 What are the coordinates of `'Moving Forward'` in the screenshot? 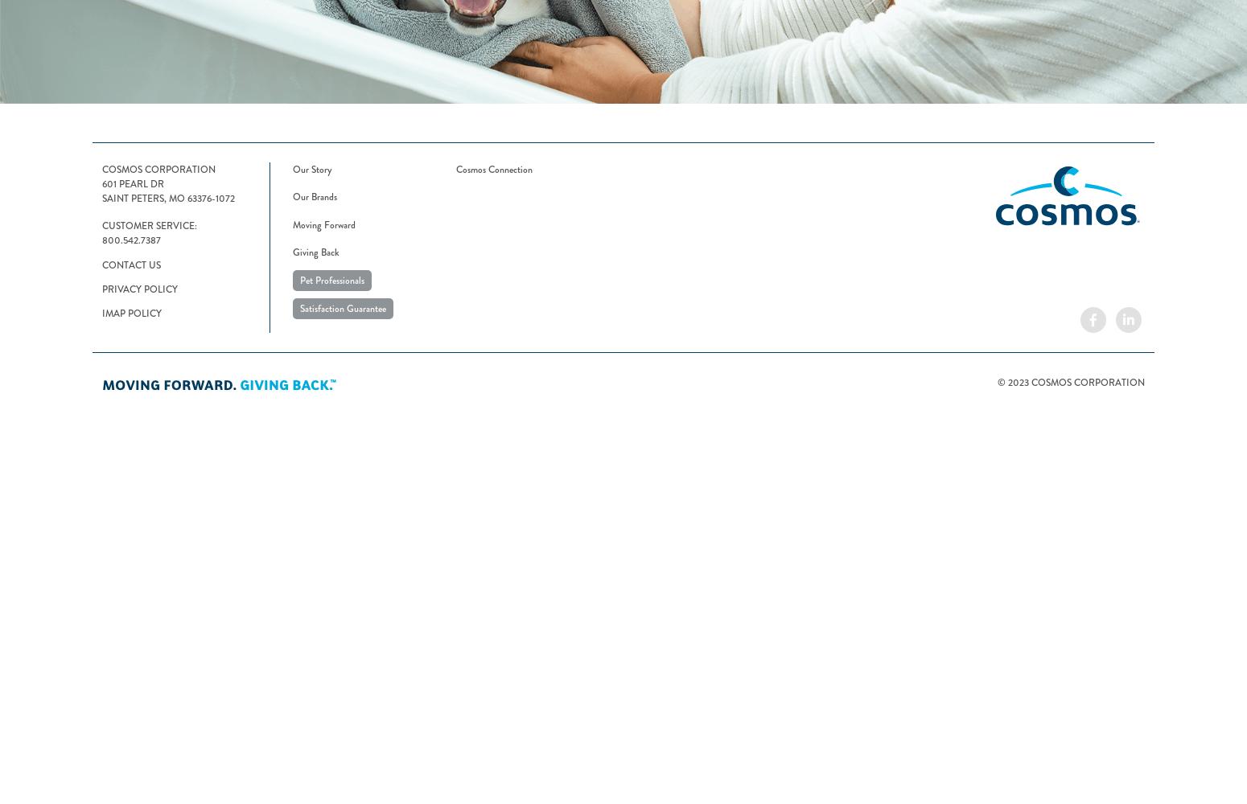 It's located at (324, 224).